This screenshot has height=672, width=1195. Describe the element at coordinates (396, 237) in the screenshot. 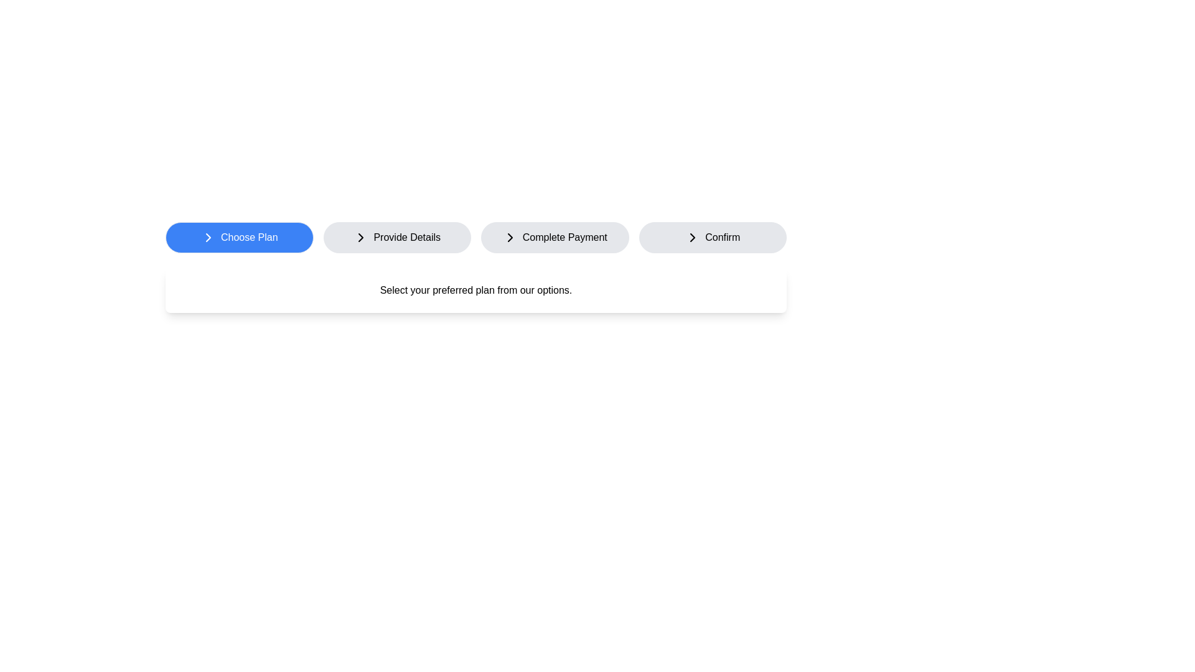

I see `the step button corresponding to Provide Details` at that location.